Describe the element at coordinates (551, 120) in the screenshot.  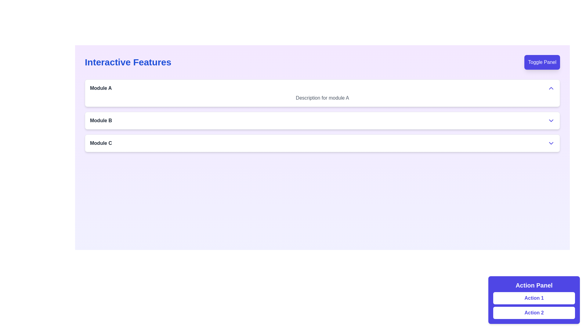
I see `the toggle icon located at the right end of the 'Module B' row` at that location.